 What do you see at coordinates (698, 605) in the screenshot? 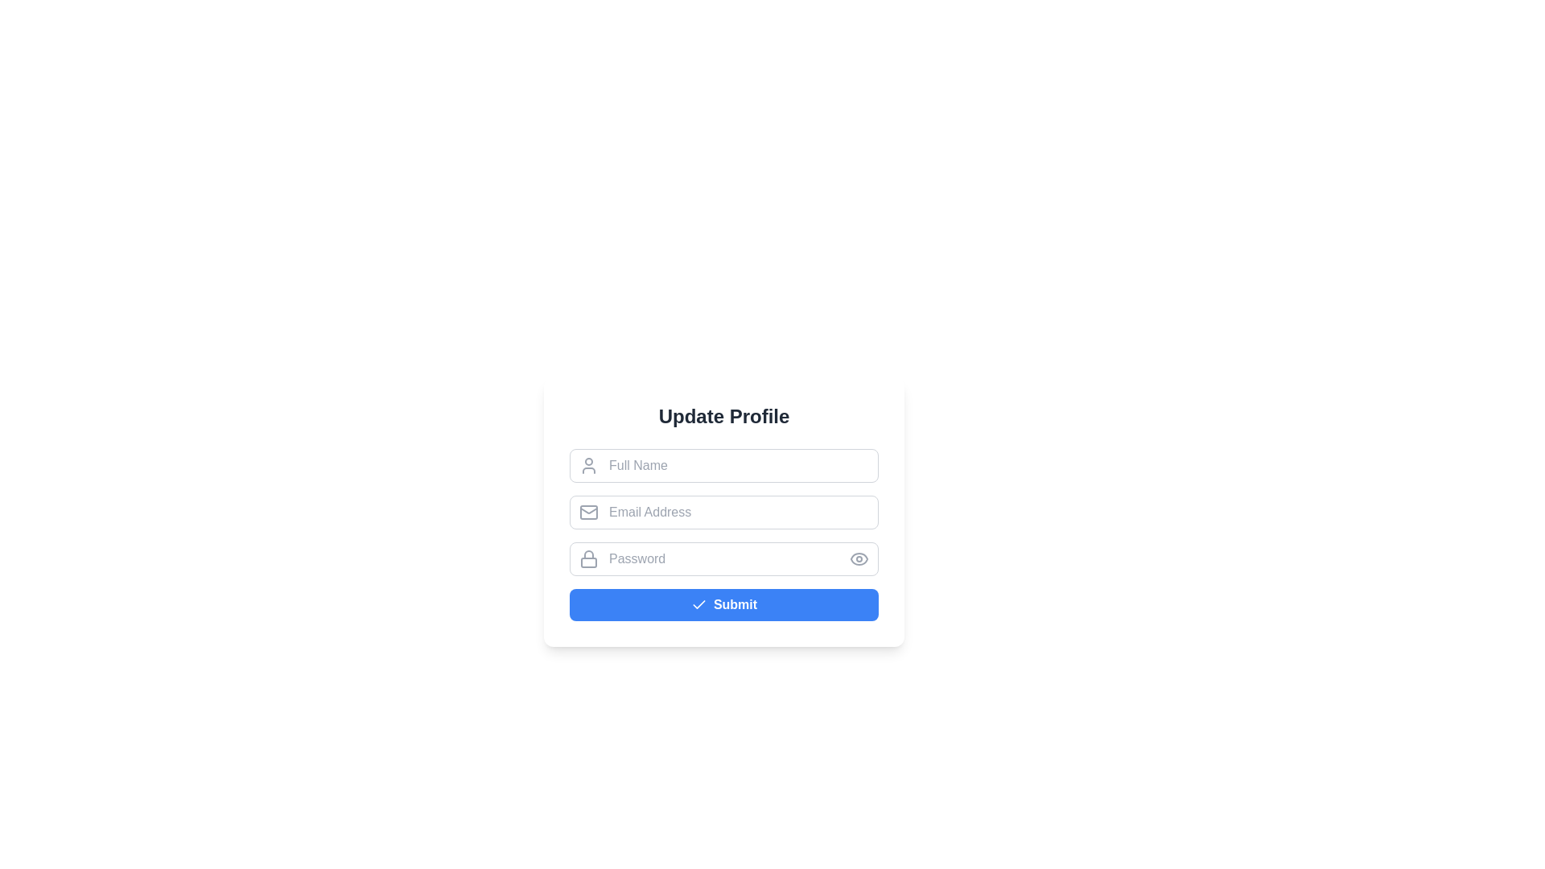
I see `the confirmation icon located inside the 'Submit' button, positioned towards the center-right of the button's content area` at bounding box center [698, 605].